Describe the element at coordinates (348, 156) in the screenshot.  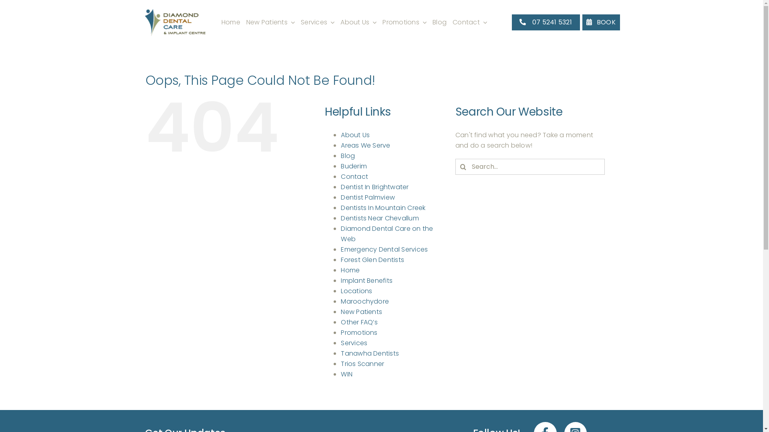
I see `'Blog'` at that location.